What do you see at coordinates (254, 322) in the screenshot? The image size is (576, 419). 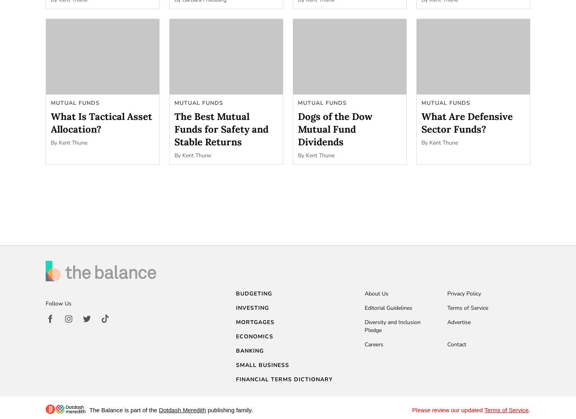 I see `'Mortgages'` at bounding box center [254, 322].